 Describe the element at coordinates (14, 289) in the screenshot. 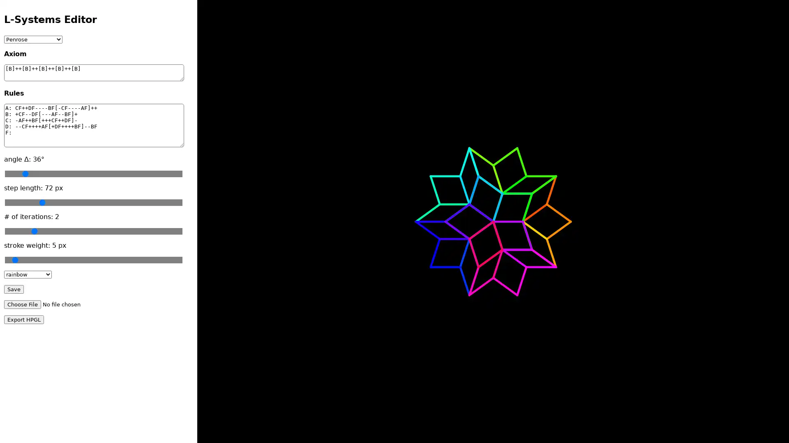

I see `Save` at that location.